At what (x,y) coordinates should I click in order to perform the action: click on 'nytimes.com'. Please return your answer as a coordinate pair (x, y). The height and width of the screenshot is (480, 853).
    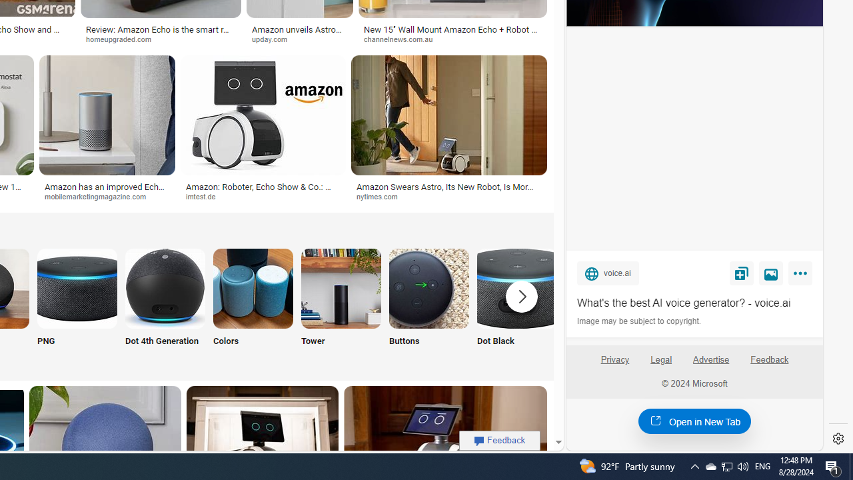
    Looking at the image, I should click on (448, 197).